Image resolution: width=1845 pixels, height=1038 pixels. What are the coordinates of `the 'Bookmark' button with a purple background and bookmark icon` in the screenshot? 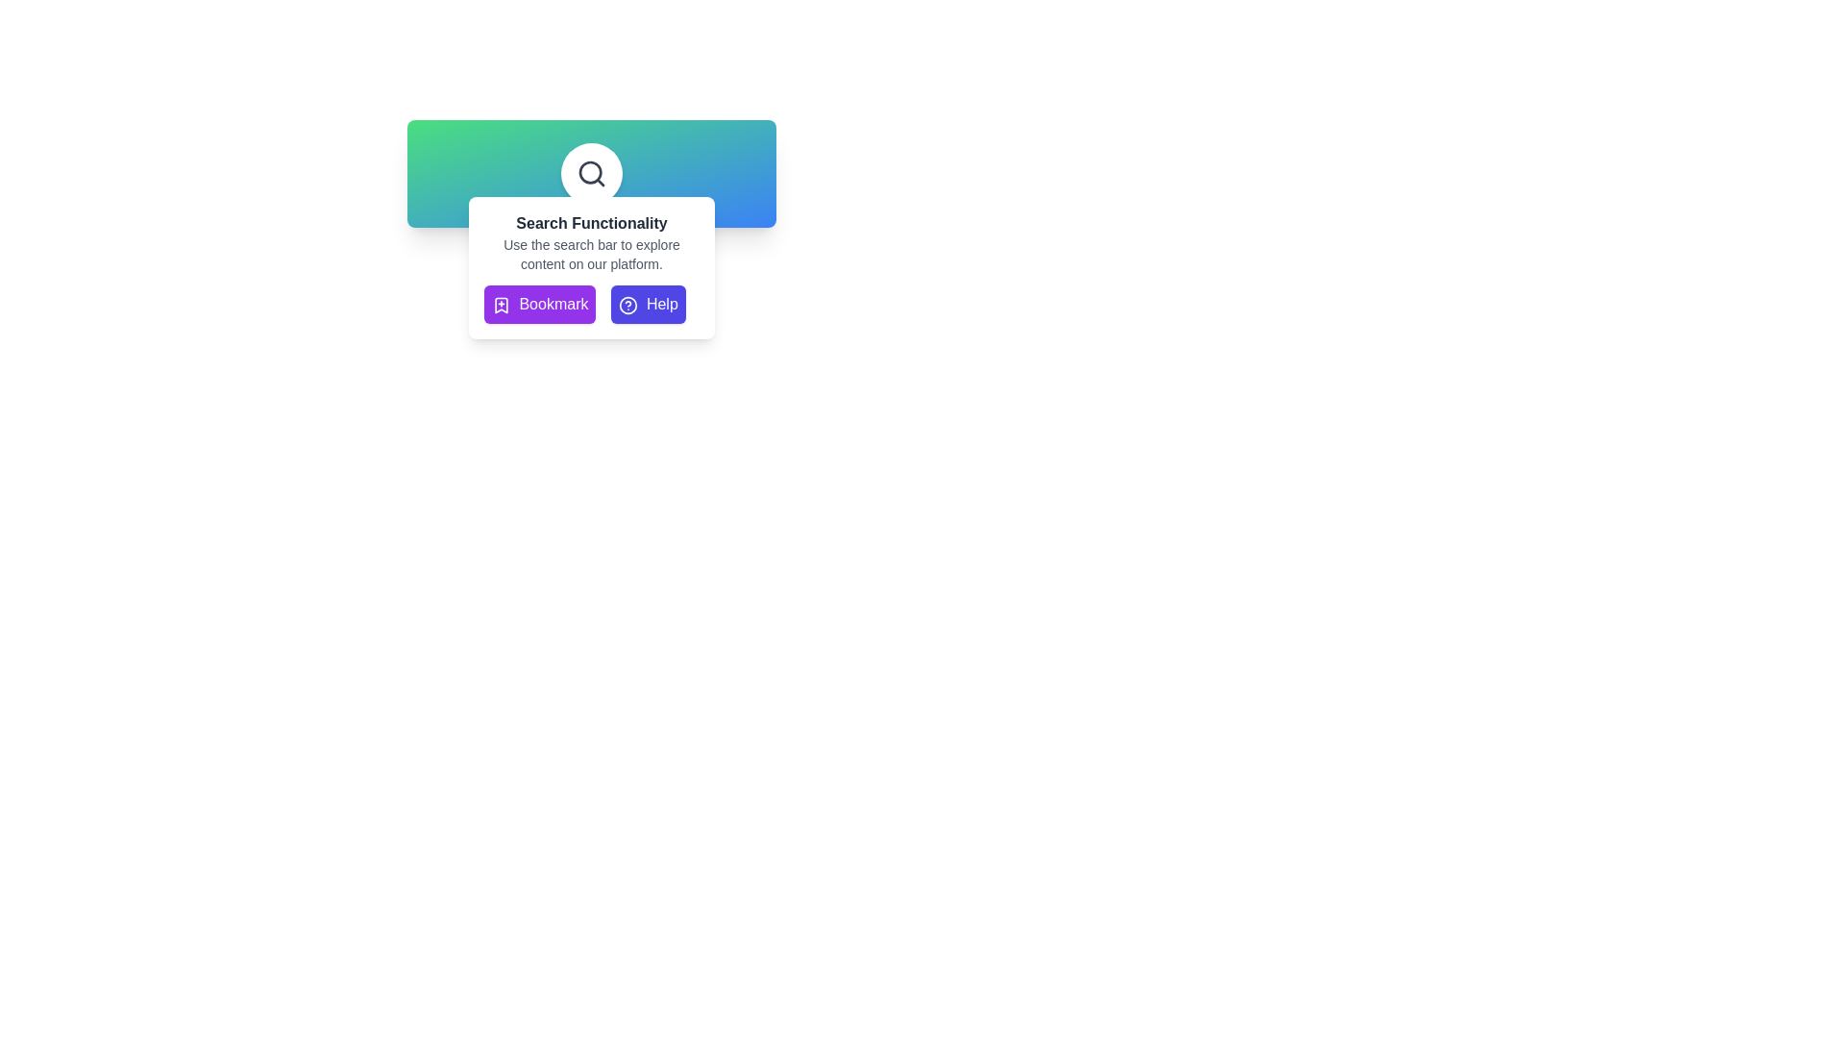 It's located at (590, 303).